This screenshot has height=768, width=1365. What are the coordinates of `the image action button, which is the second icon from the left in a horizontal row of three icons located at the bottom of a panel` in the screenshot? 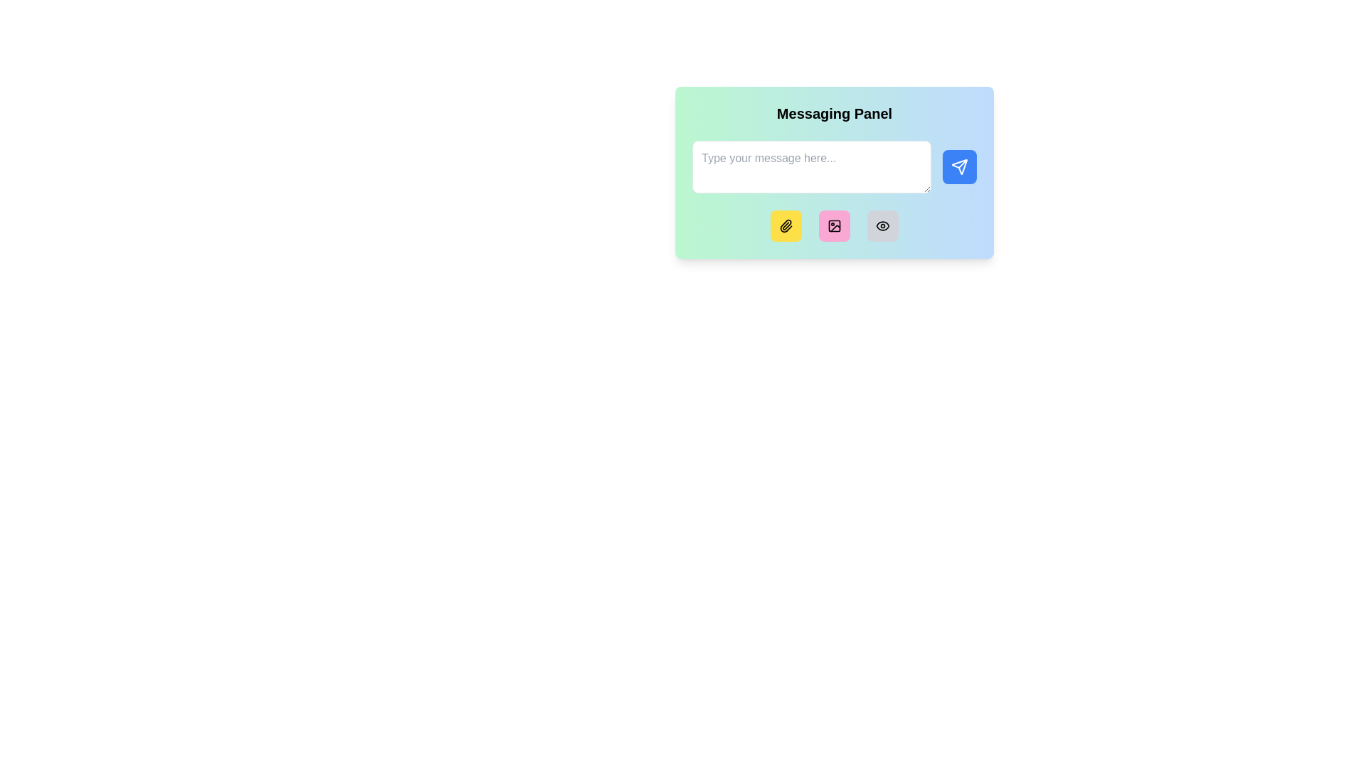 It's located at (835, 225).